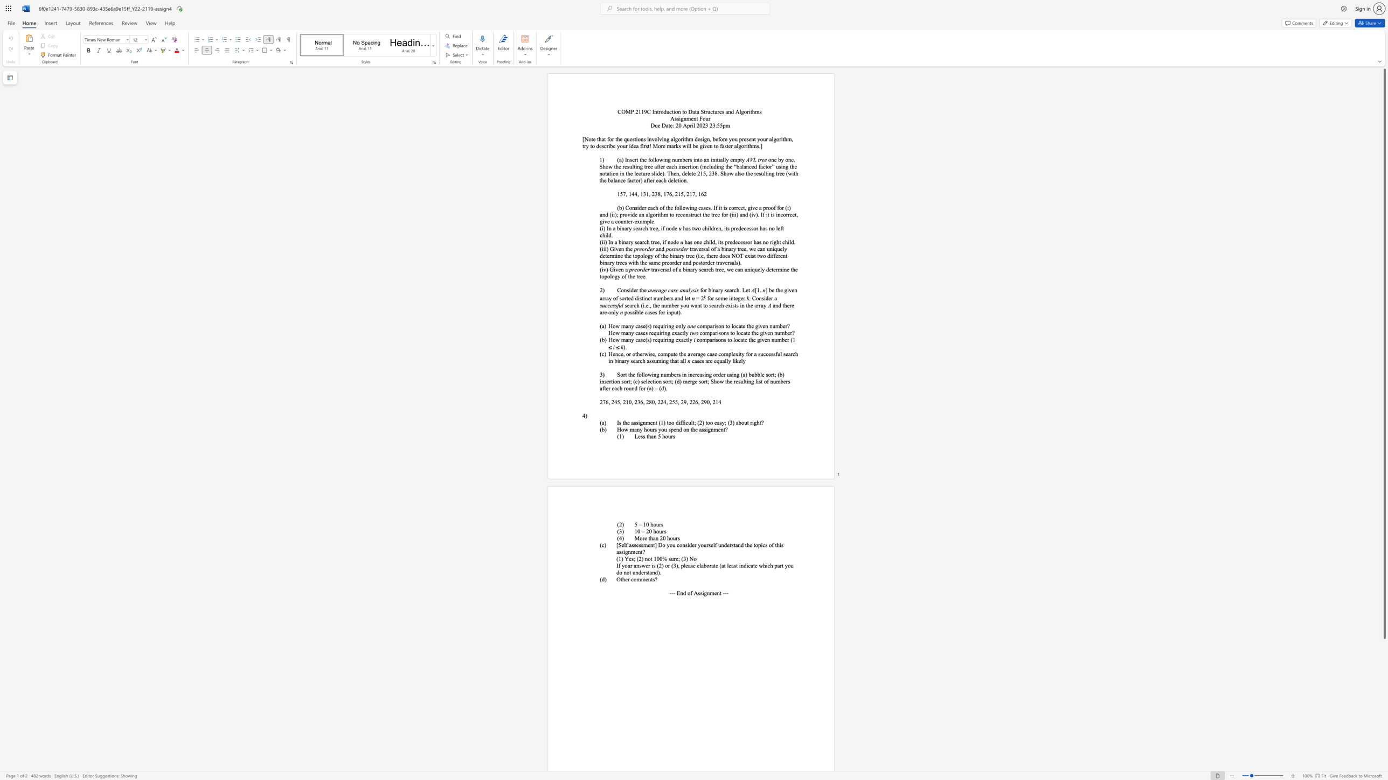  I want to click on the subset text "nmen" within the text "Assignment Four", so click(683, 118).